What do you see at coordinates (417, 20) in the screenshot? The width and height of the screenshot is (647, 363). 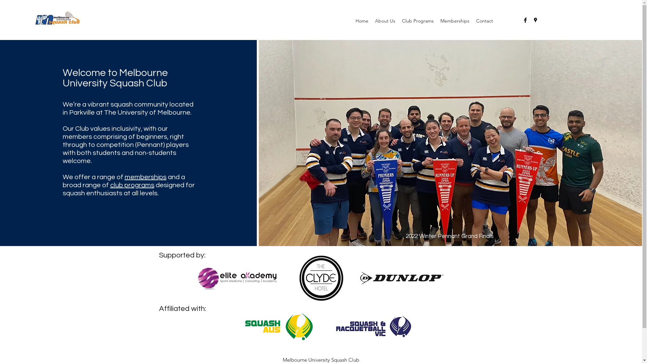 I see `'Club Programs'` at bounding box center [417, 20].